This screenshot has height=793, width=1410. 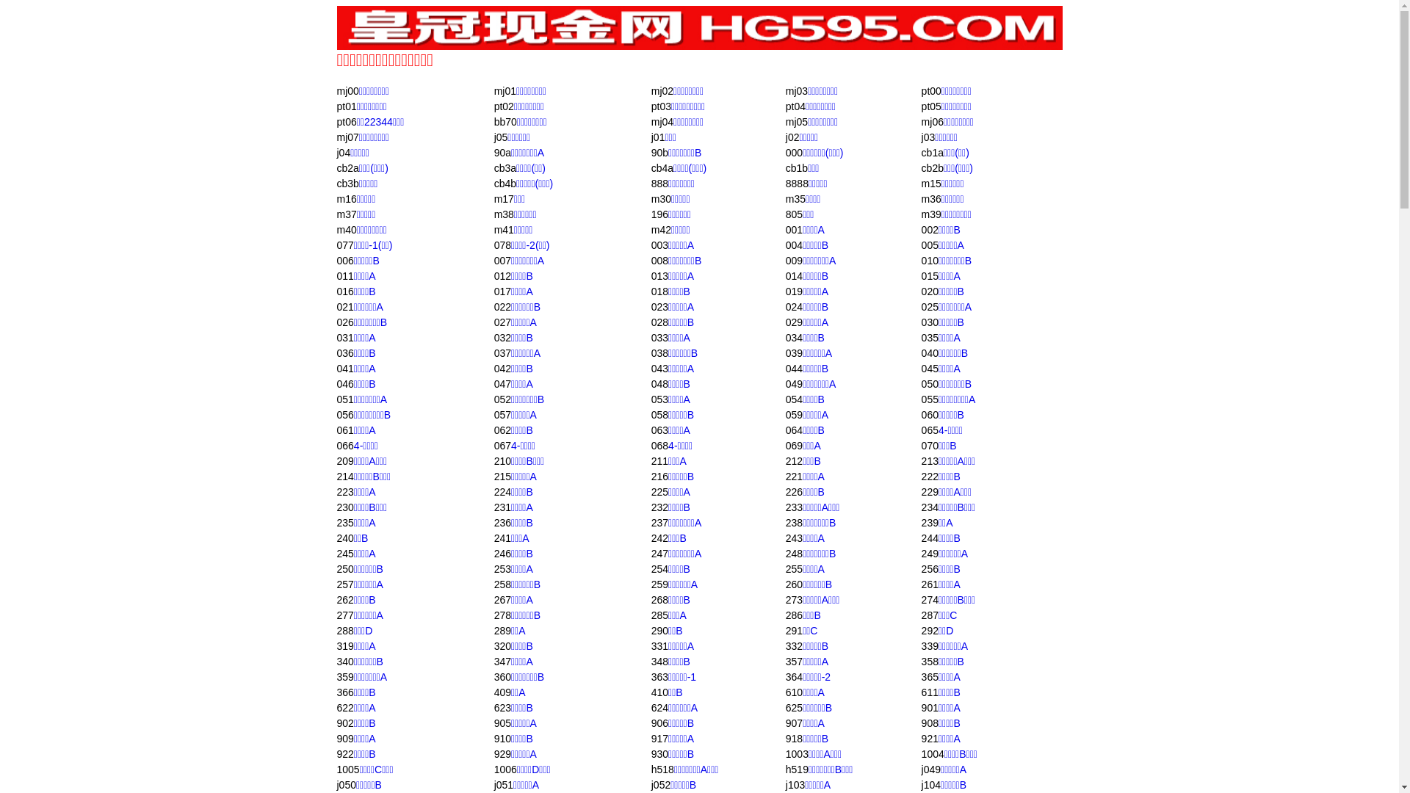 I want to click on '907', so click(x=793, y=722).